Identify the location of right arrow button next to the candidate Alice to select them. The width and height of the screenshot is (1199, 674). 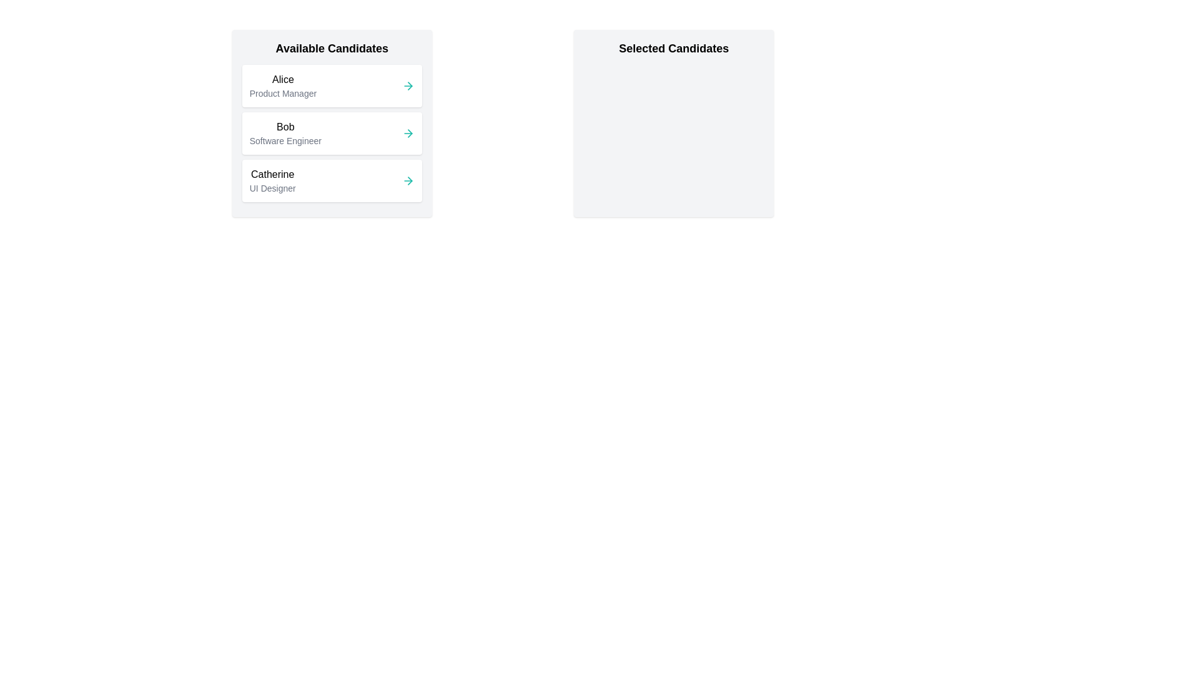
(408, 85).